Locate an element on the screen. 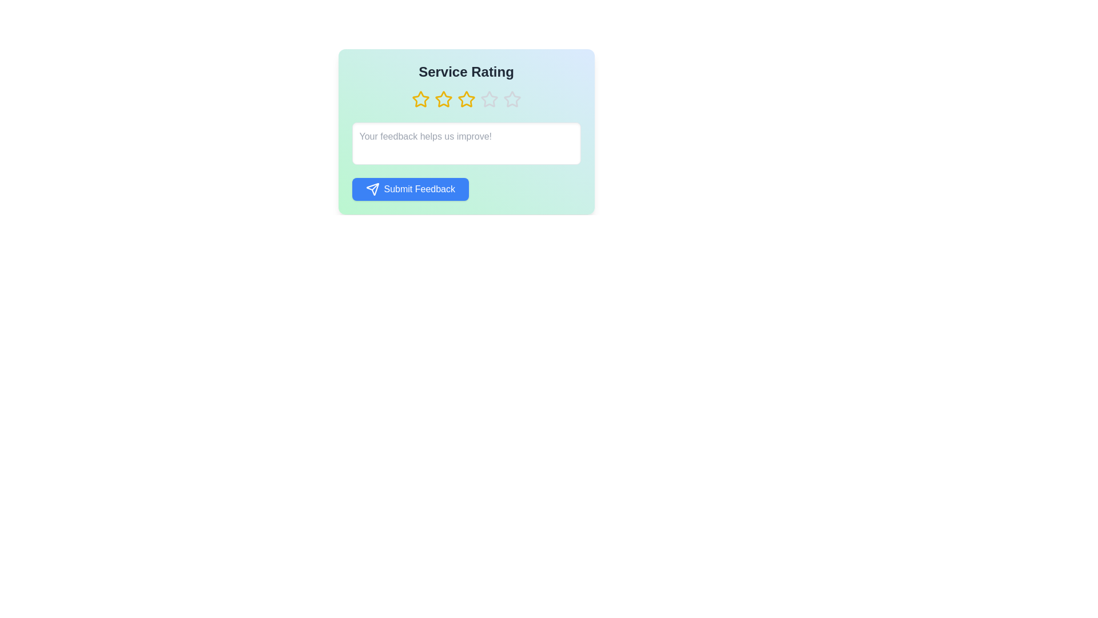 Image resolution: width=1098 pixels, height=618 pixels. the second star-shaped icon in the rating component is located at coordinates (443, 98).